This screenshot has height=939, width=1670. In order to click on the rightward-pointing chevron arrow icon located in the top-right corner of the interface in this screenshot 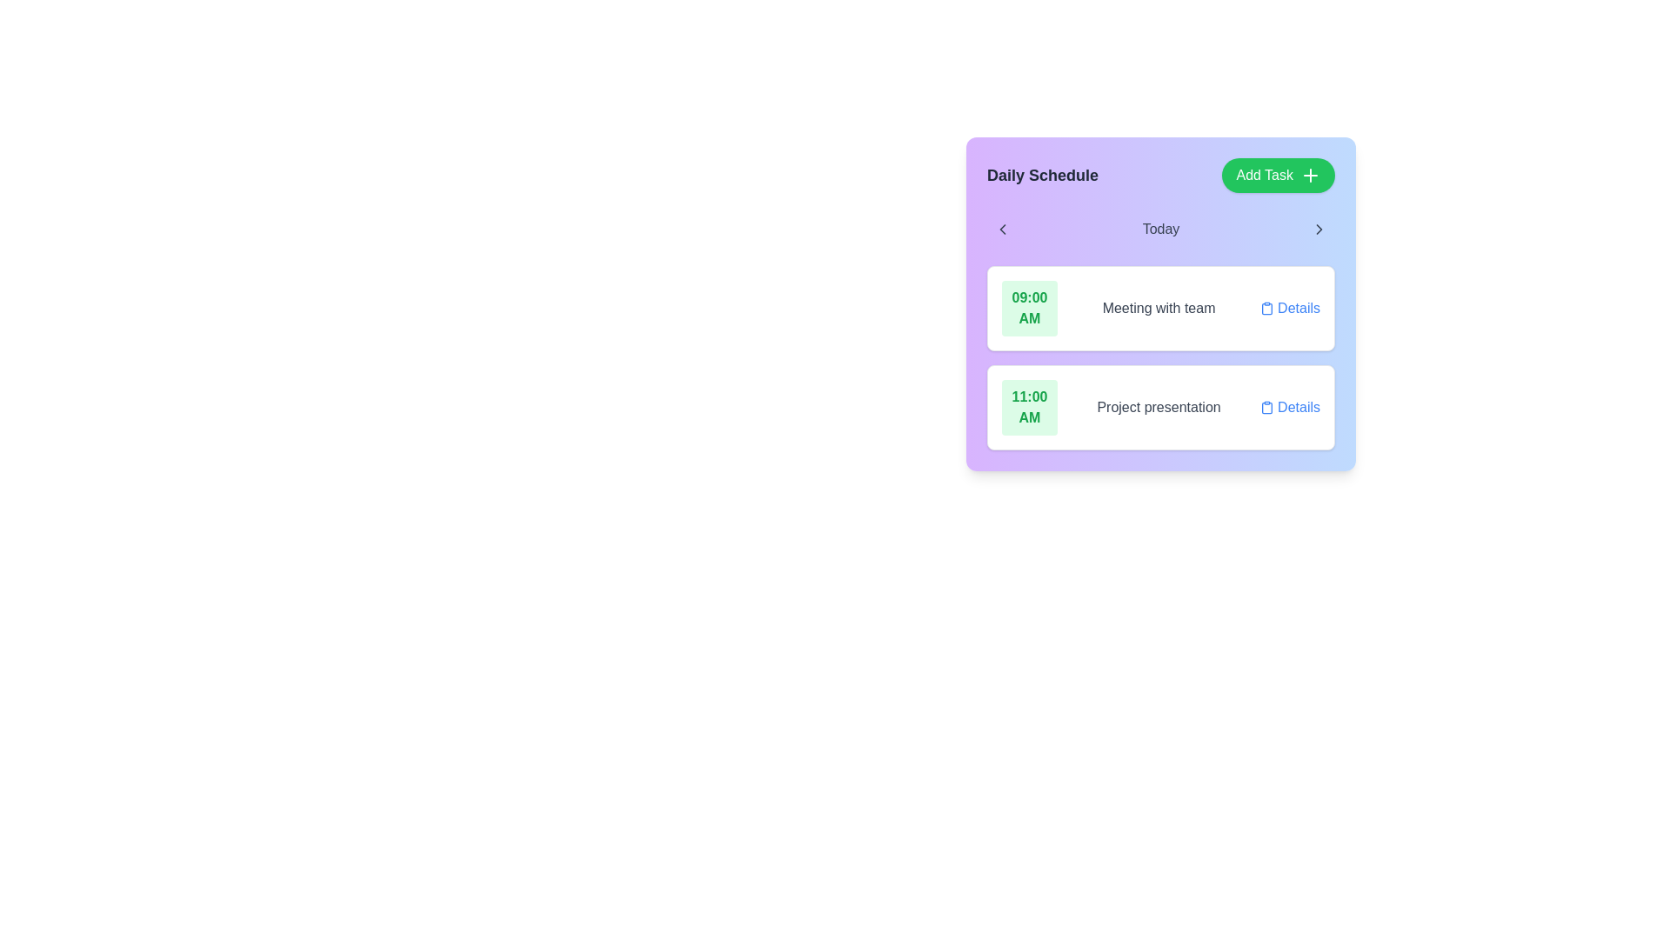, I will do `click(1319, 228)`.